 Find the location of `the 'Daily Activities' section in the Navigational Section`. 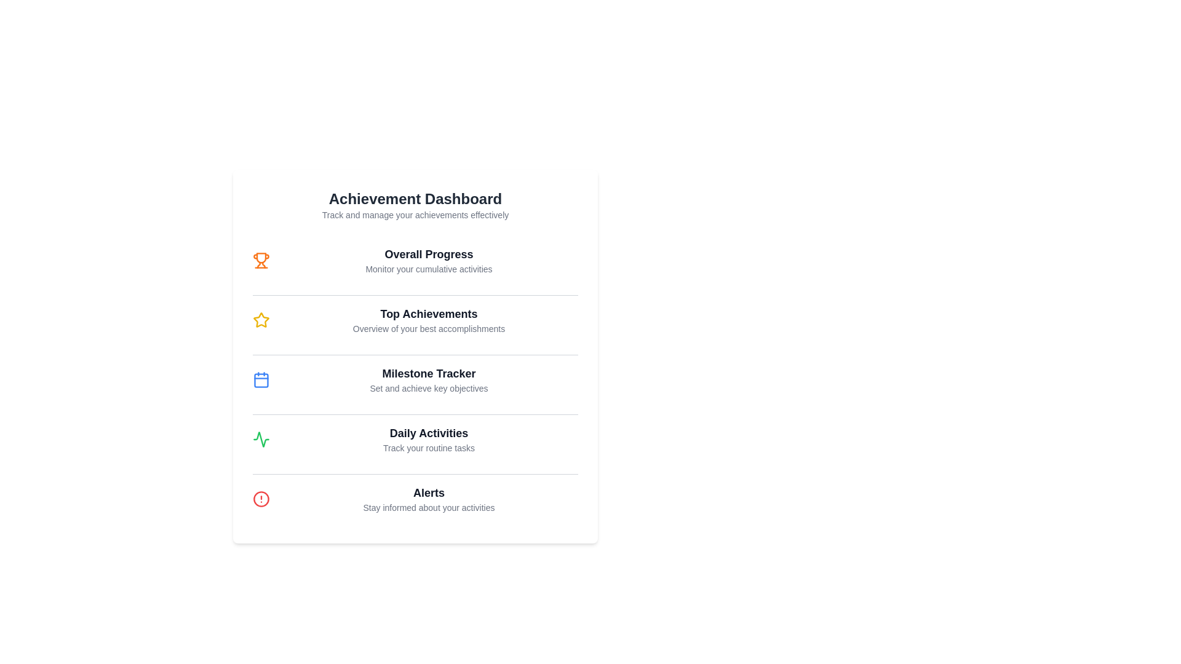

the 'Daily Activities' section in the Navigational Section is located at coordinates (415, 438).